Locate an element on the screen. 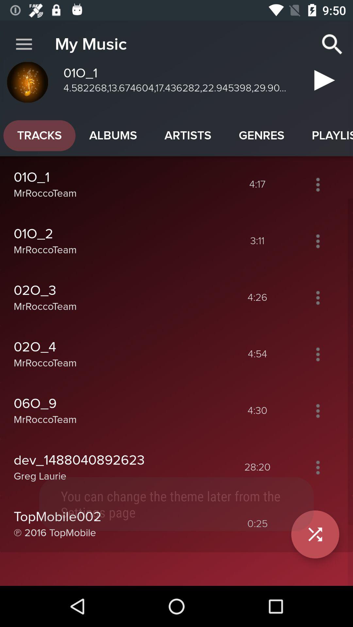 This screenshot has width=353, height=627. open options is located at coordinates (317, 241).